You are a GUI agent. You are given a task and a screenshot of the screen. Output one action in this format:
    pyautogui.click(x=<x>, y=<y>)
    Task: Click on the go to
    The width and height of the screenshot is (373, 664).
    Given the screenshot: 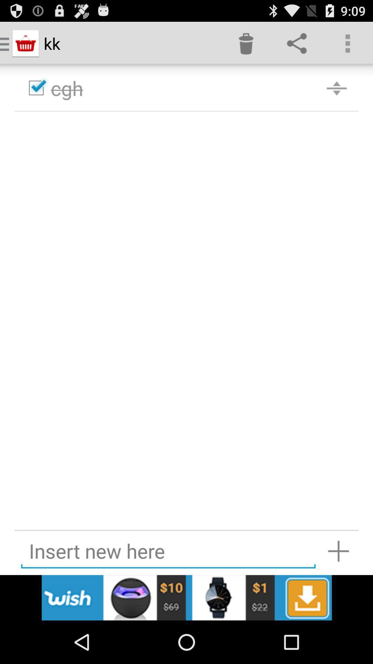 What is the action you would take?
    pyautogui.click(x=338, y=551)
    